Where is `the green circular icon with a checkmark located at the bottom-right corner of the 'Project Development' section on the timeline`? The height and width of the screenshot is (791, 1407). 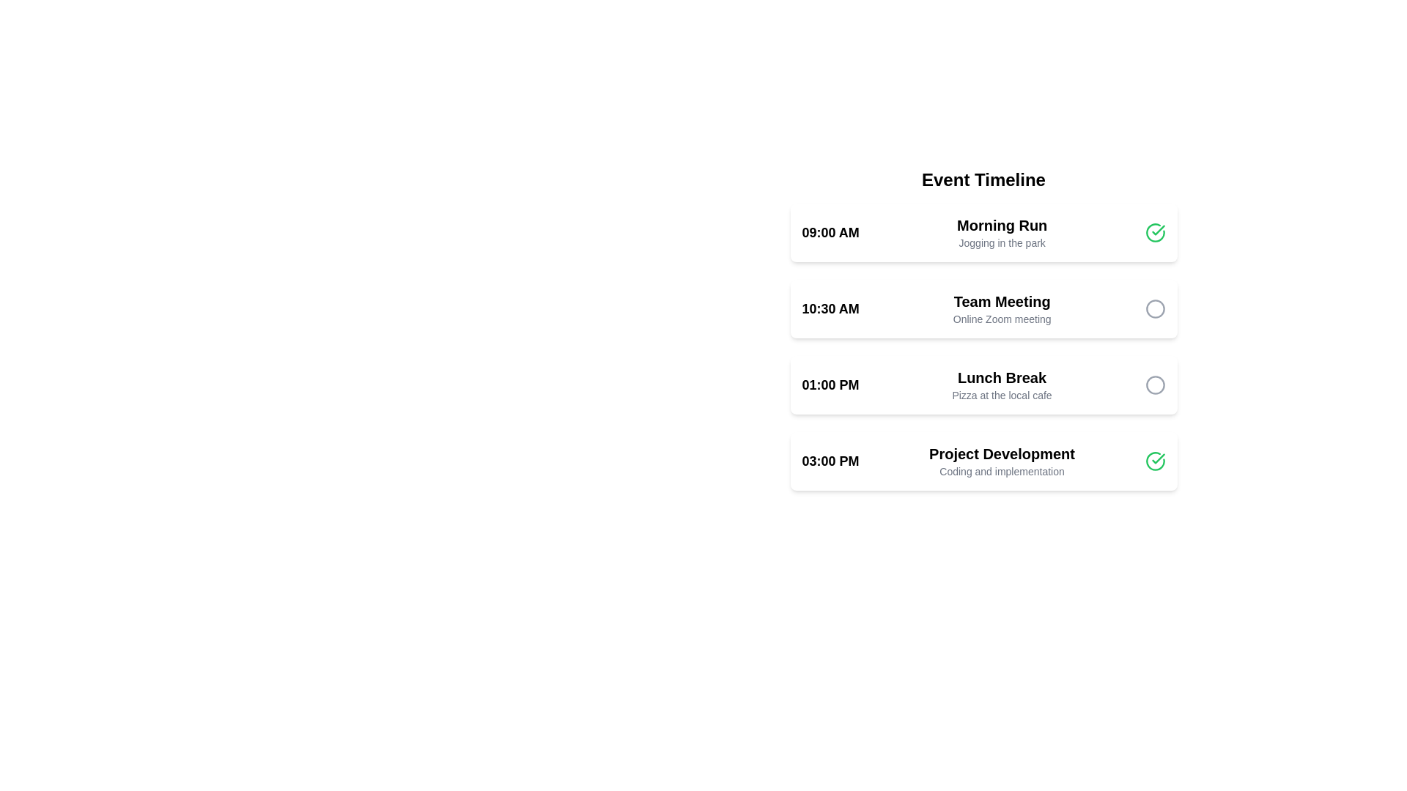 the green circular icon with a checkmark located at the bottom-right corner of the 'Project Development' section on the timeline is located at coordinates (1154, 460).